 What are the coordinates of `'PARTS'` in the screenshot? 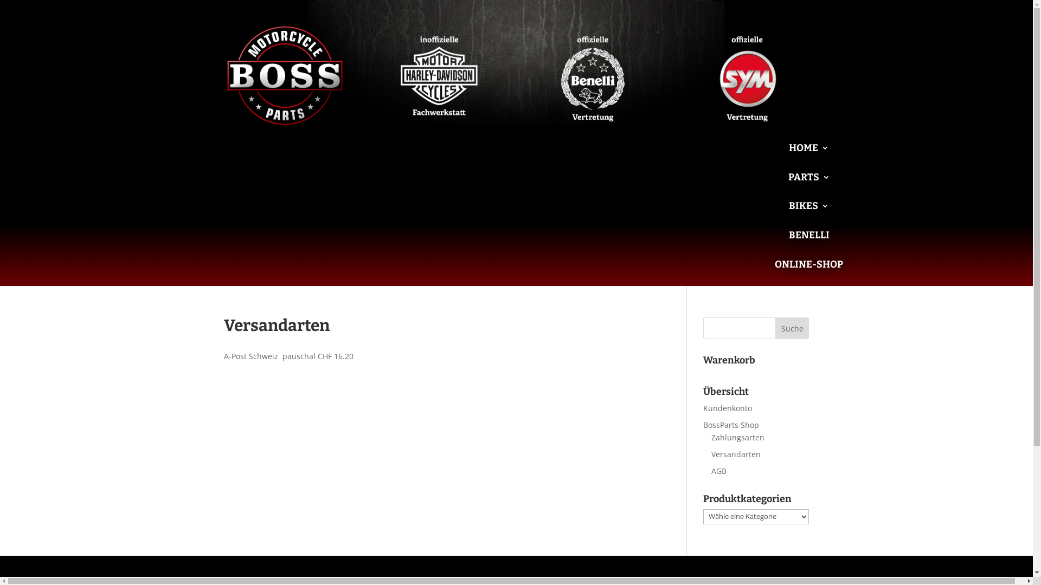 It's located at (788, 185).